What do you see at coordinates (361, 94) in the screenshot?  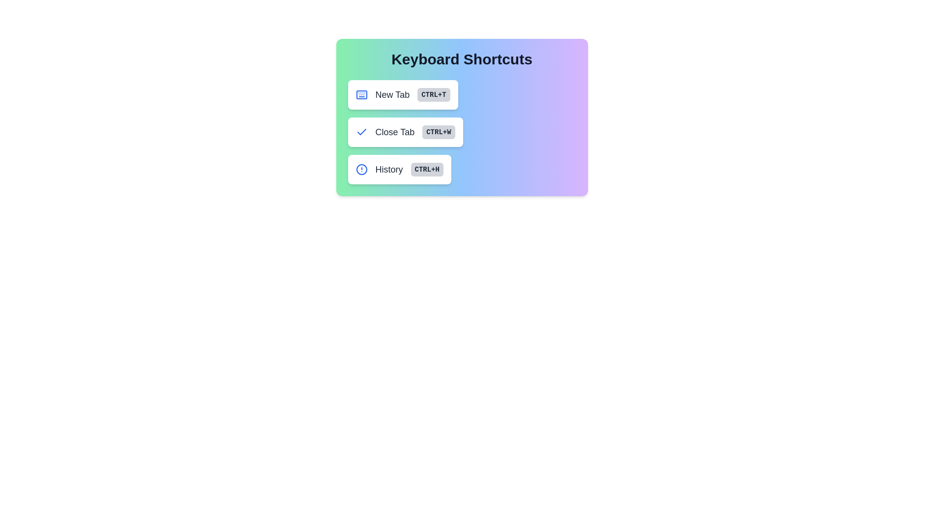 I see `the central key represented by the graphical component in the keyboard SVG icon` at bounding box center [361, 94].